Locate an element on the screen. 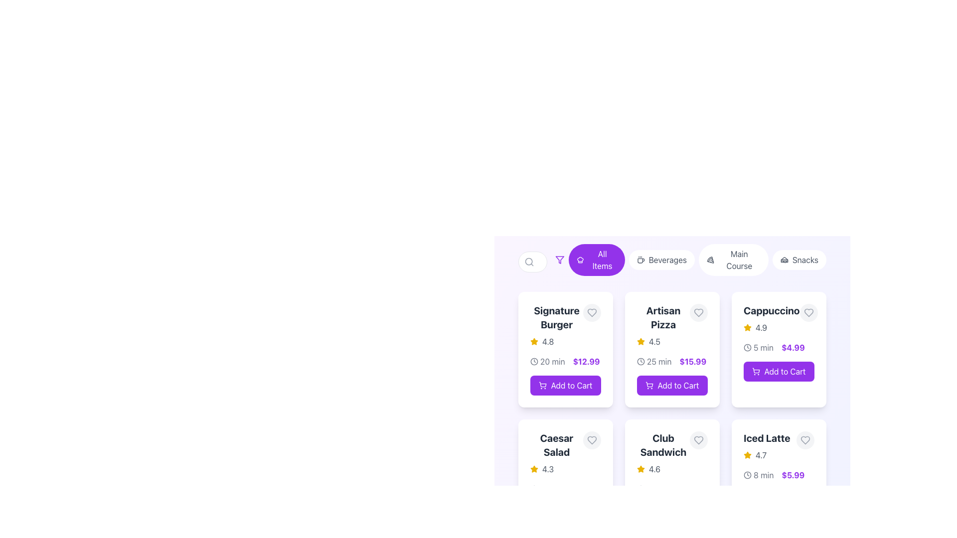 The image size is (957, 538). the price text displayed in the 'Artisan Pizza' card, located in the second column of the first row, positioned below '25 min' and above the 'Add to Cart' button is located at coordinates (692, 361).